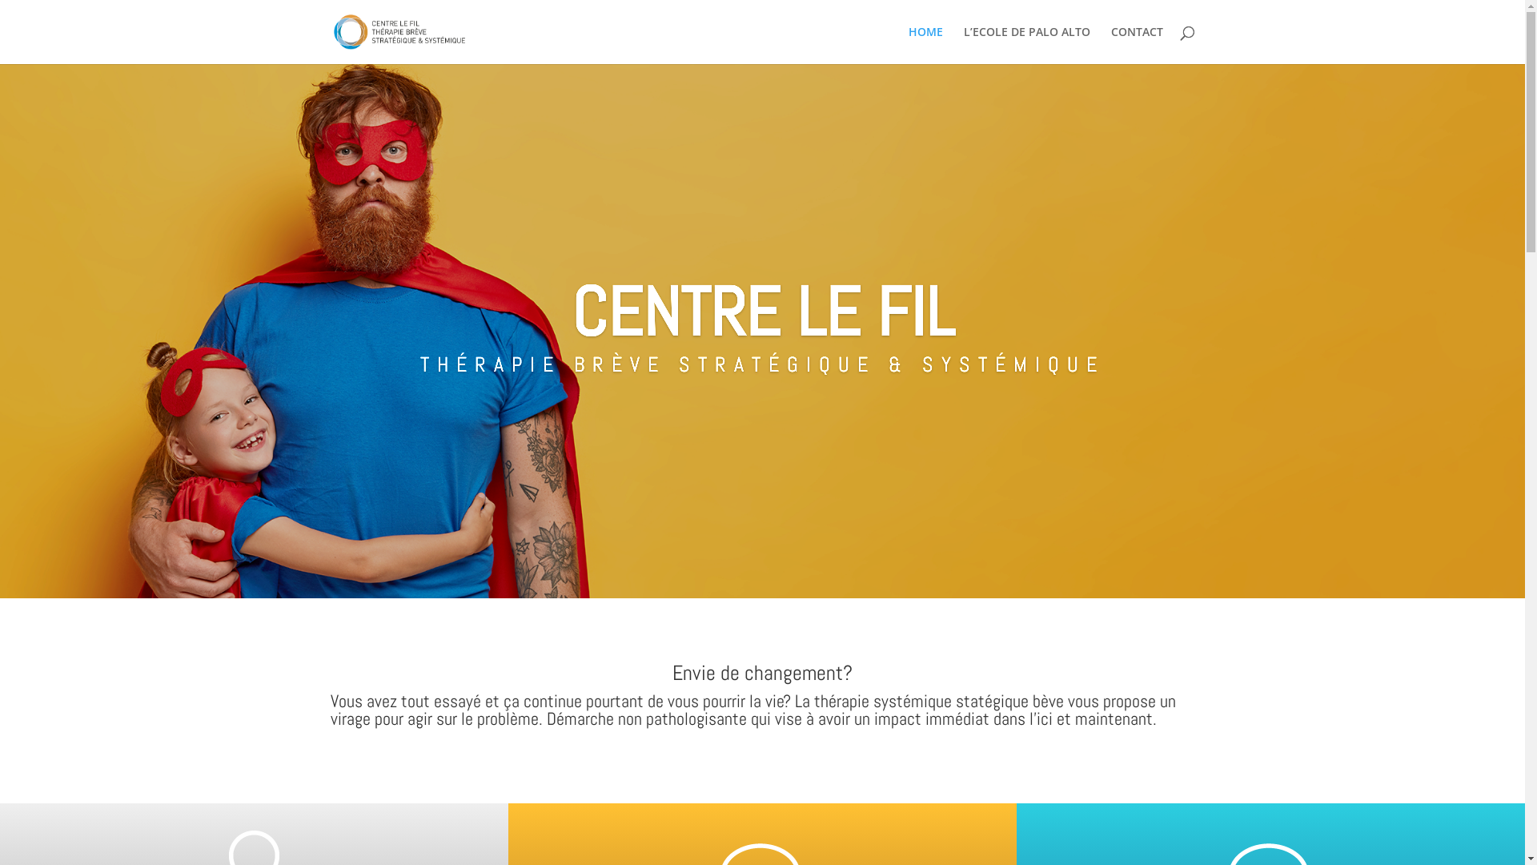 The image size is (1537, 865). I want to click on 'CONTACT', so click(1136, 44).